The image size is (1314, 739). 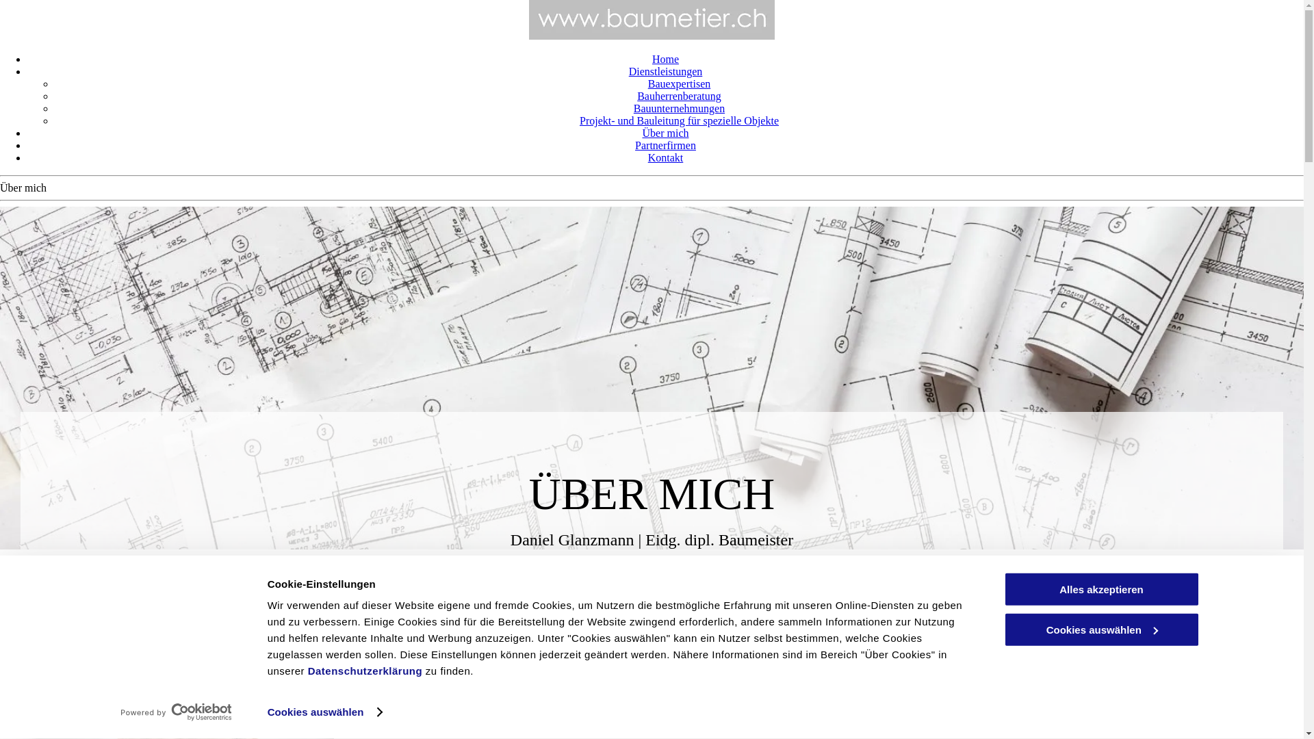 What do you see at coordinates (666, 157) in the screenshot?
I see `'Kontakt'` at bounding box center [666, 157].